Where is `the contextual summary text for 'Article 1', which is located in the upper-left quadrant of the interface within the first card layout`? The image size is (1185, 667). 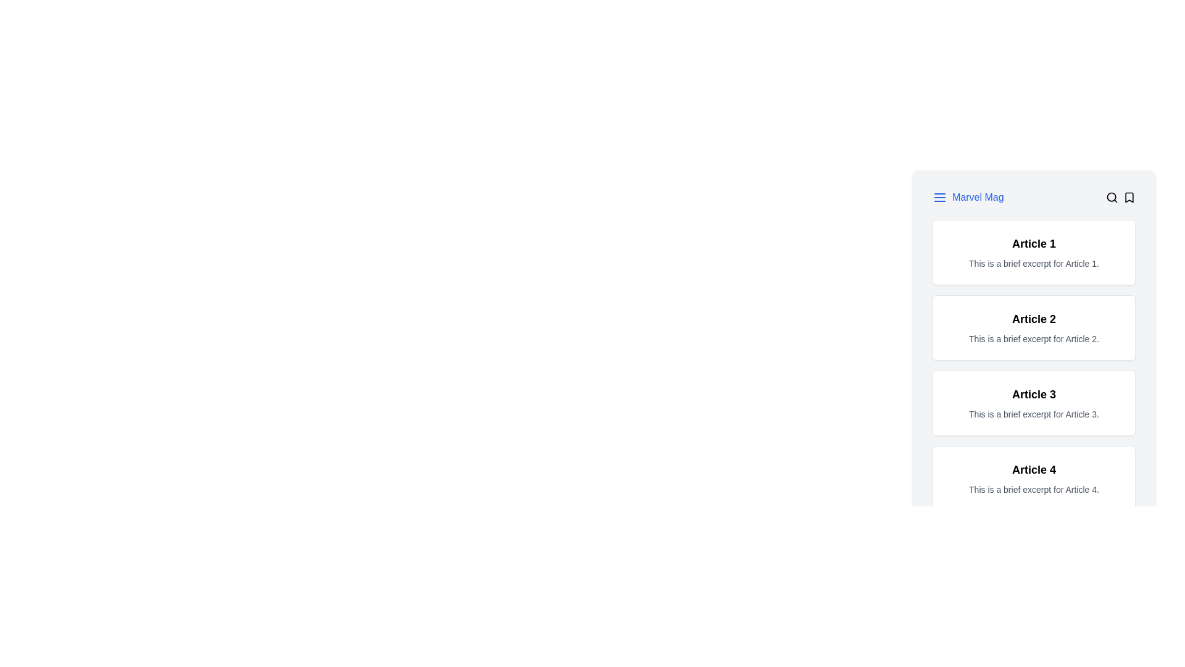
the contextual summary text for 'Article 1', which is located in the upper-left quadrant of the interface within the first card layout is located at coordinates (1034, 263).